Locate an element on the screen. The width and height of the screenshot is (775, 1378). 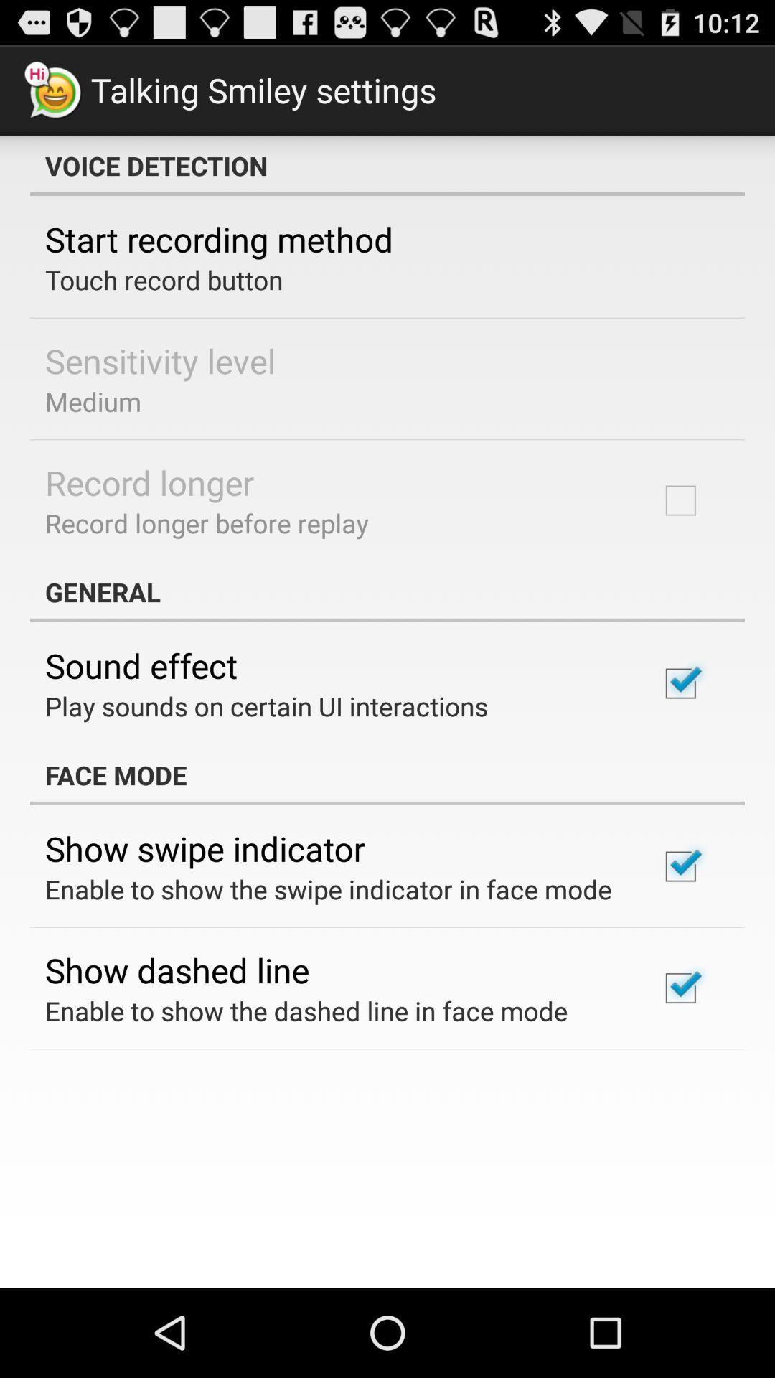
the medium item is located at coordinates (93, 401).